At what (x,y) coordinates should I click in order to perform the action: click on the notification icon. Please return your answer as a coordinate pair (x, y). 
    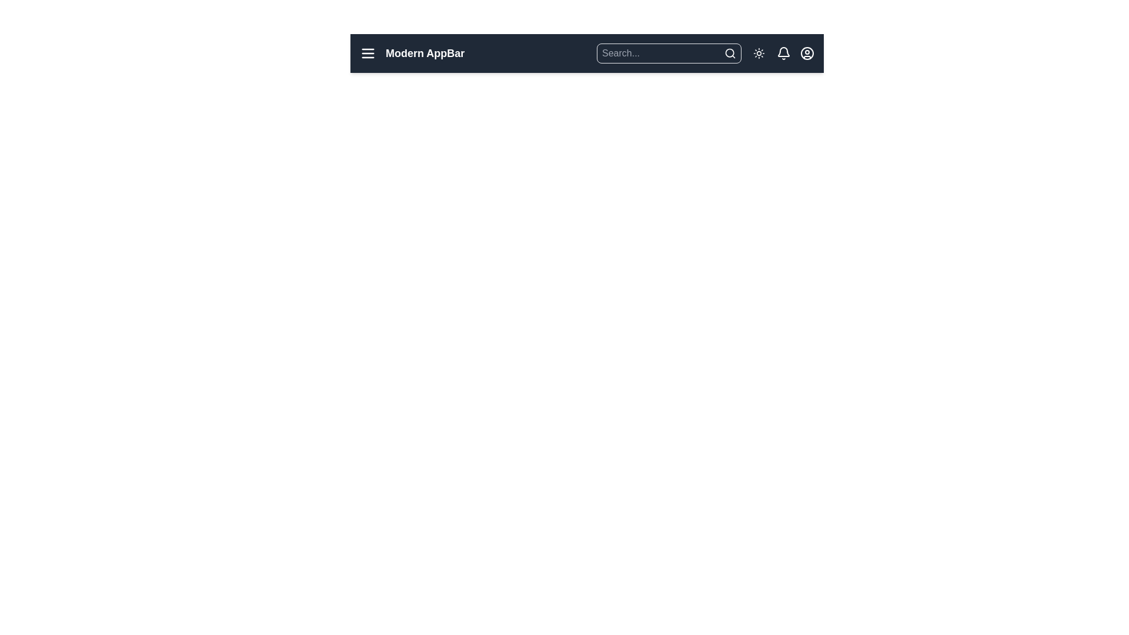
    Looking at the image, I should click on (784, 54).